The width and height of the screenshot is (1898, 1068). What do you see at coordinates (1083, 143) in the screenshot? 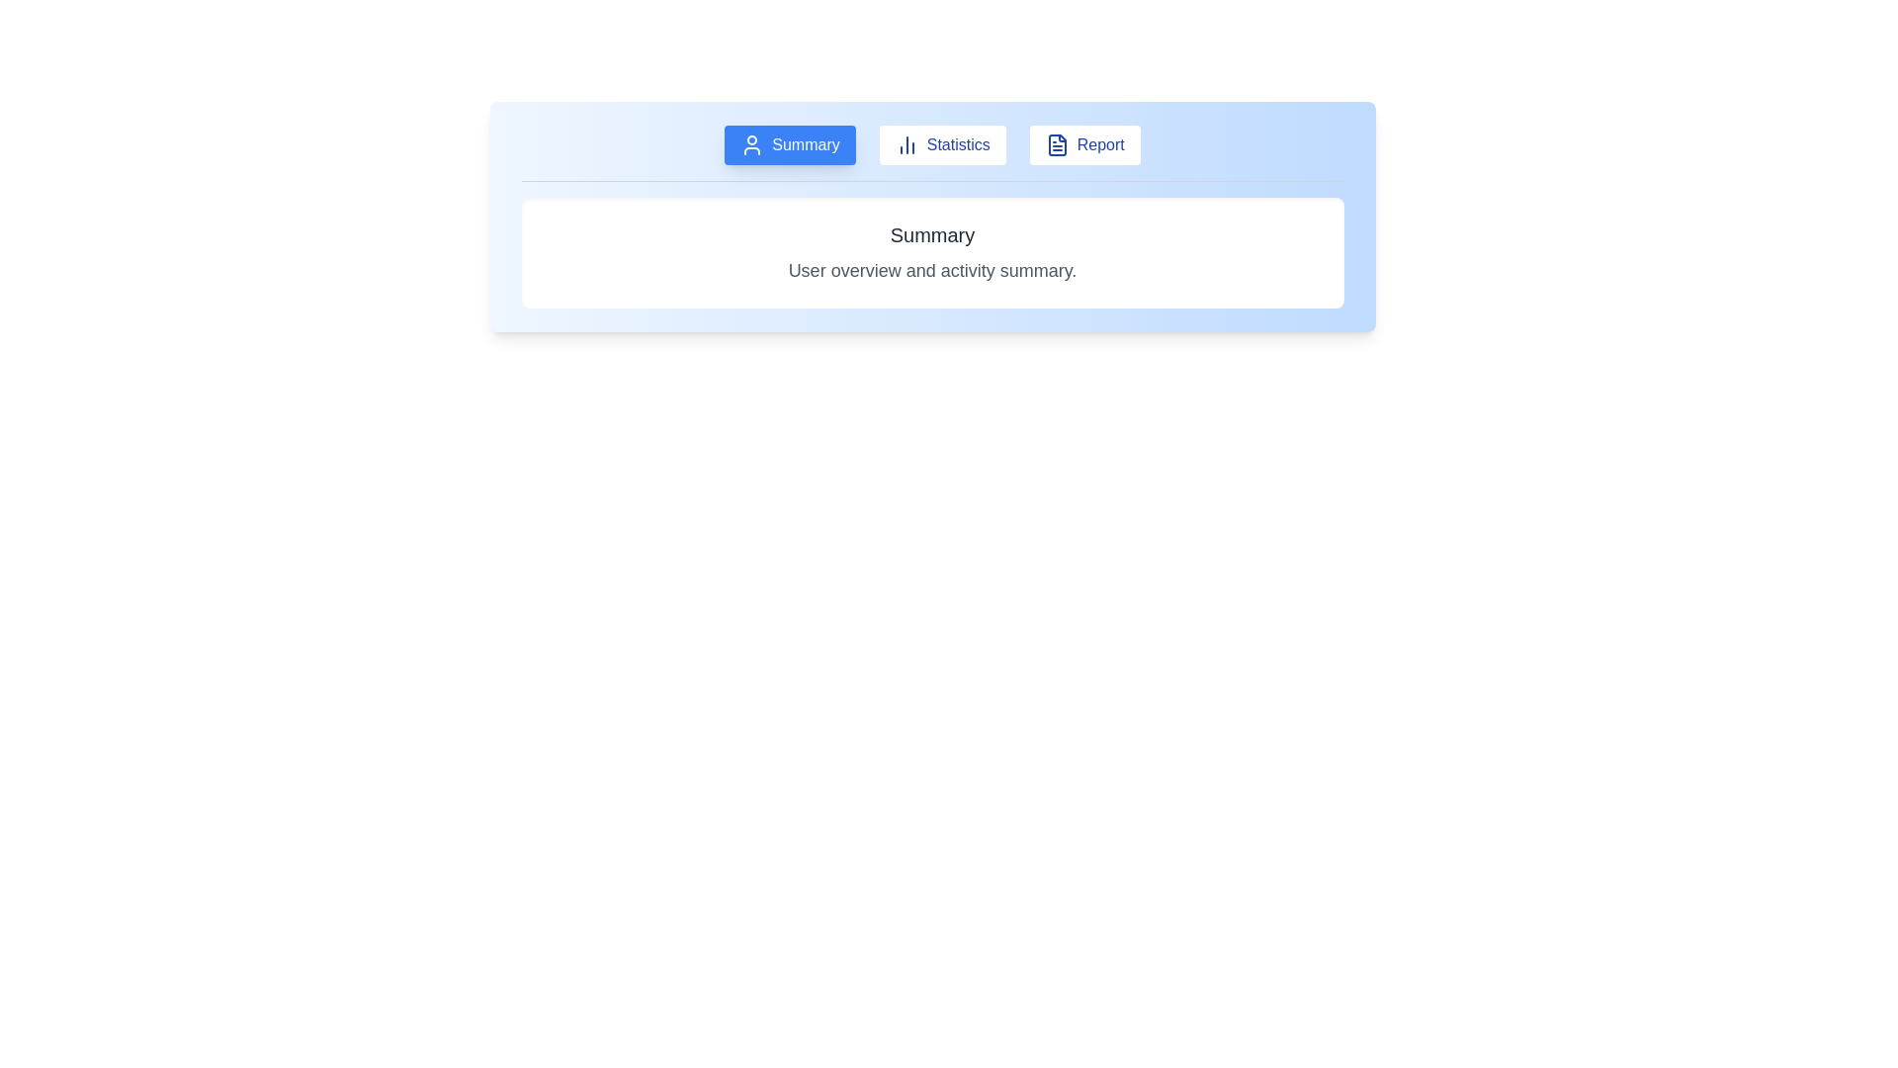
I see `the Report tab to view its content` at bounding box center [1083, 143].